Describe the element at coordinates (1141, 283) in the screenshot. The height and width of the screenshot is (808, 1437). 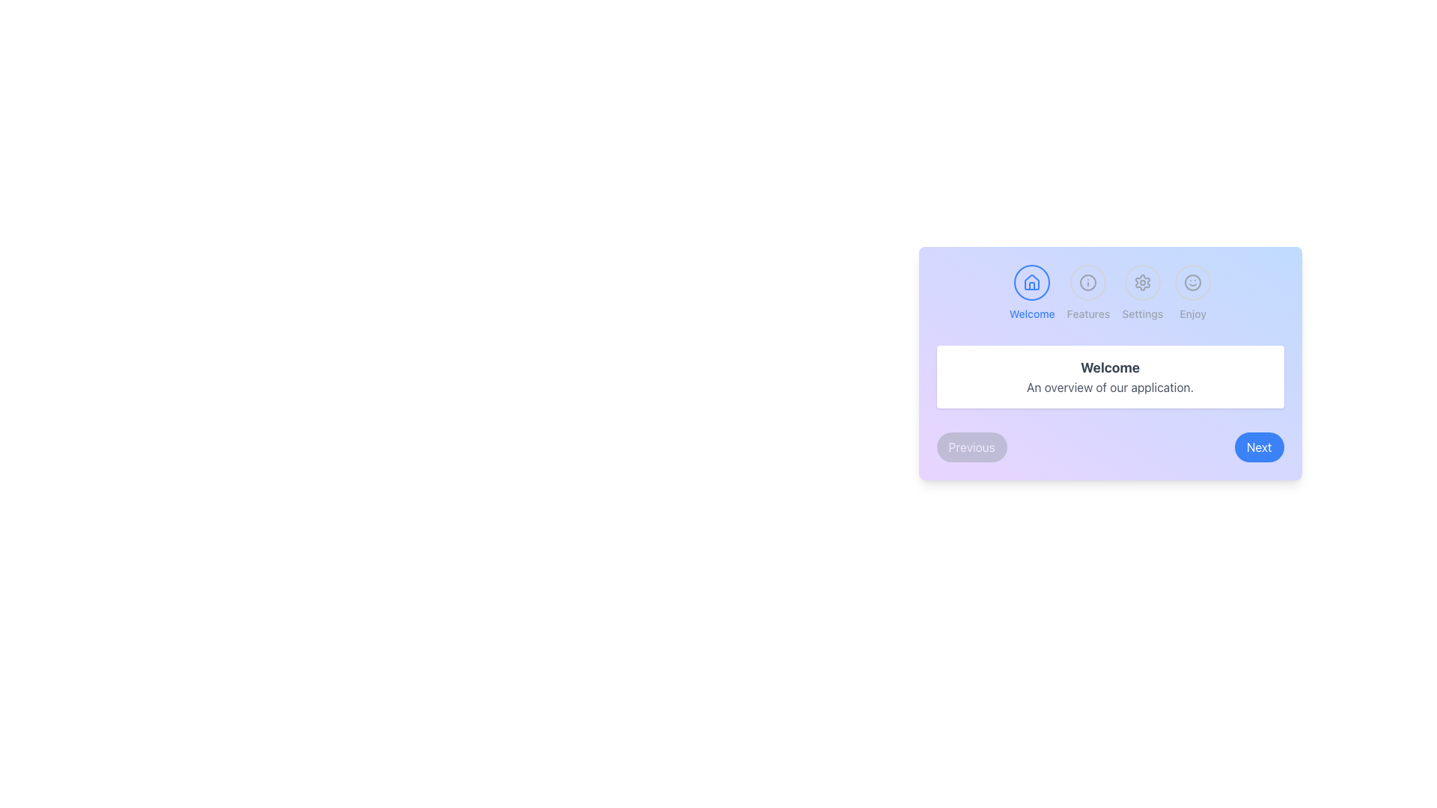
I see `the 'Settings' navigation icon, which is the third circular icon in the horizontal navigation panel near the top center of the modal window` at that location.